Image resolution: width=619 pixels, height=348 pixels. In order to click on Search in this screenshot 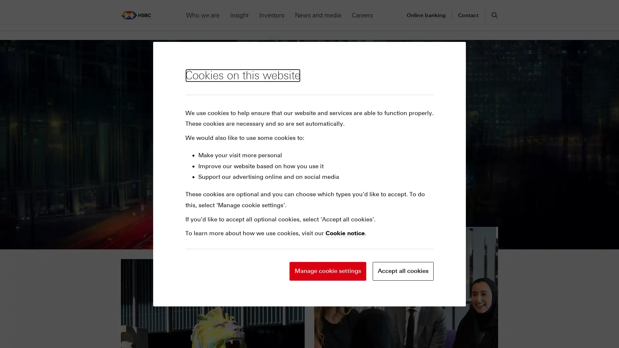, I will do `click(494, 15)`.